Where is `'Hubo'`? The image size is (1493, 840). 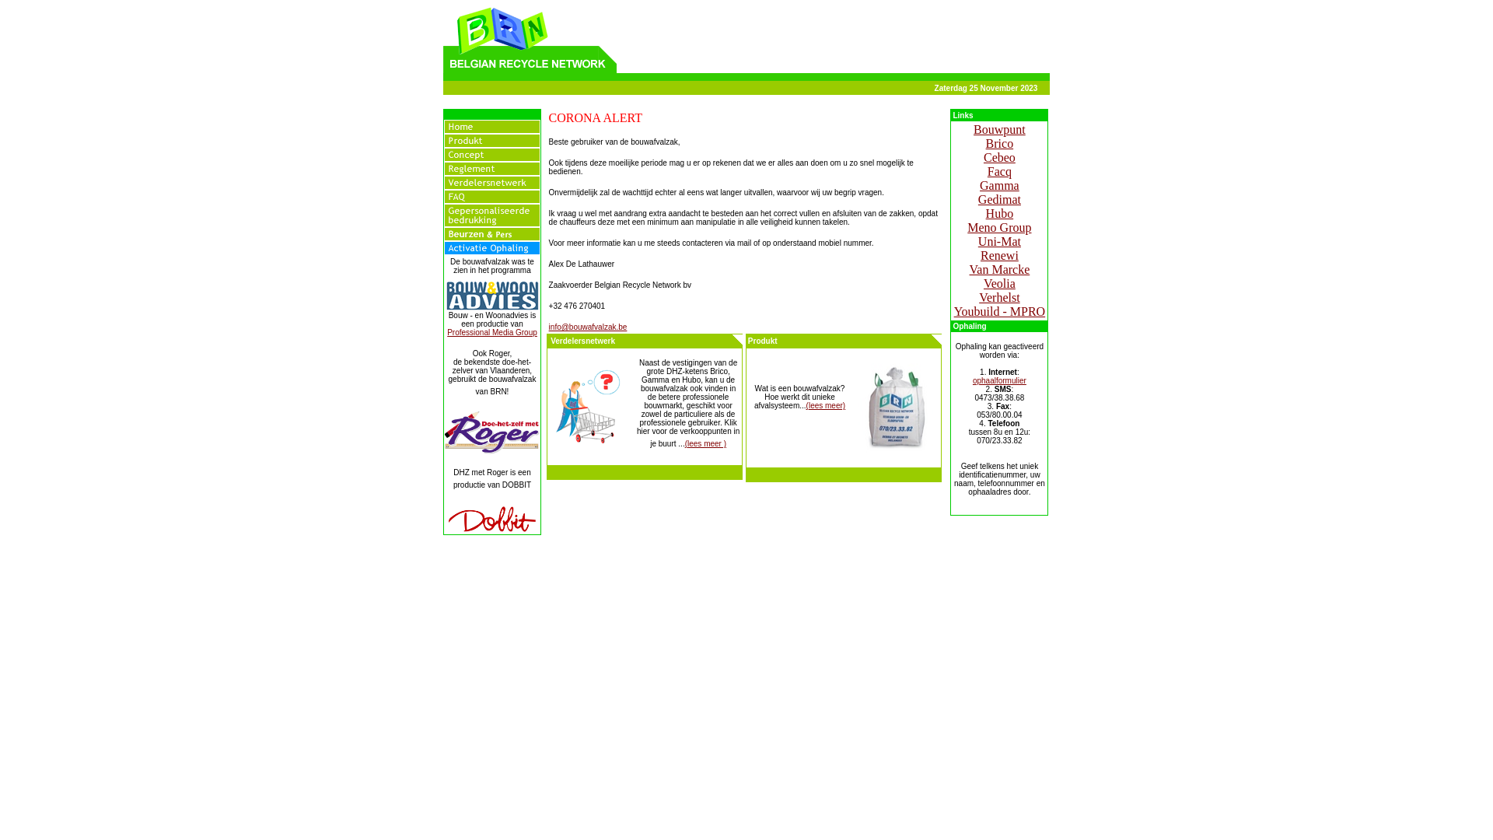 'Hubo' is located at coordinates (1000, 213).